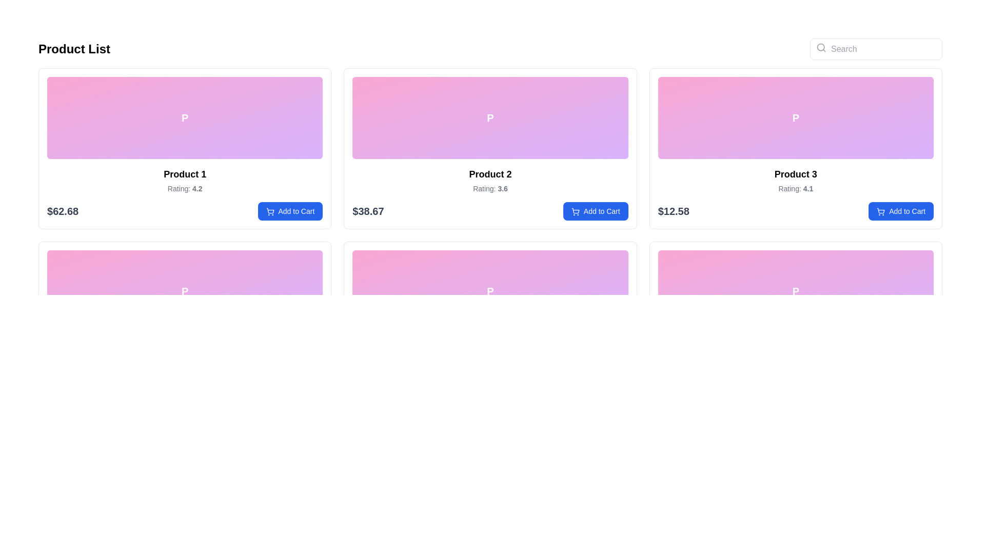 This screenshot has height=554, width=985. What do you see at coordinates (807, 188) in the screenshot?
I see `the static text that displays the rating value of 'Product 3', located beneath the 'Product 3' header and adjacent to the 'Rating:' label in the third product card` at bounding box center [807, 188].